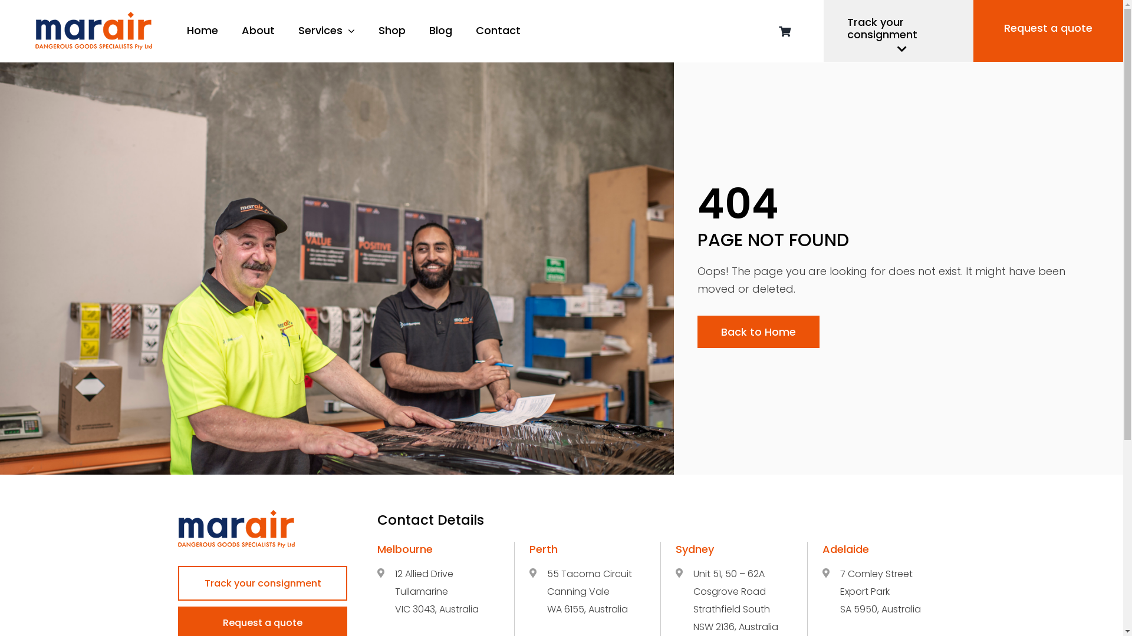  Describe the element at coordinates (236, 528) in the screenshot. I see `'Marair-Dangerous-goods-specialist'` at that location.